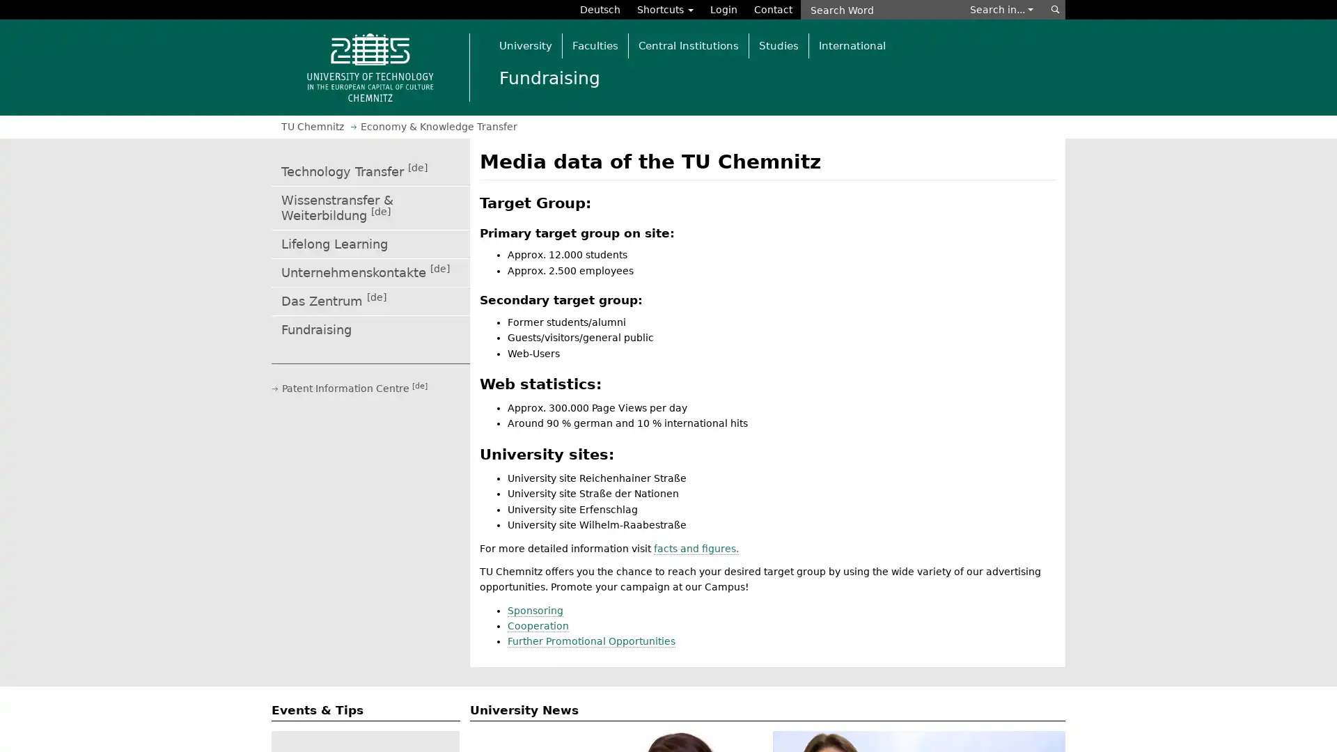  What do you see at coordinates (524, 45) in the screenshot?
I see `University` at bounding box center [524, 45].